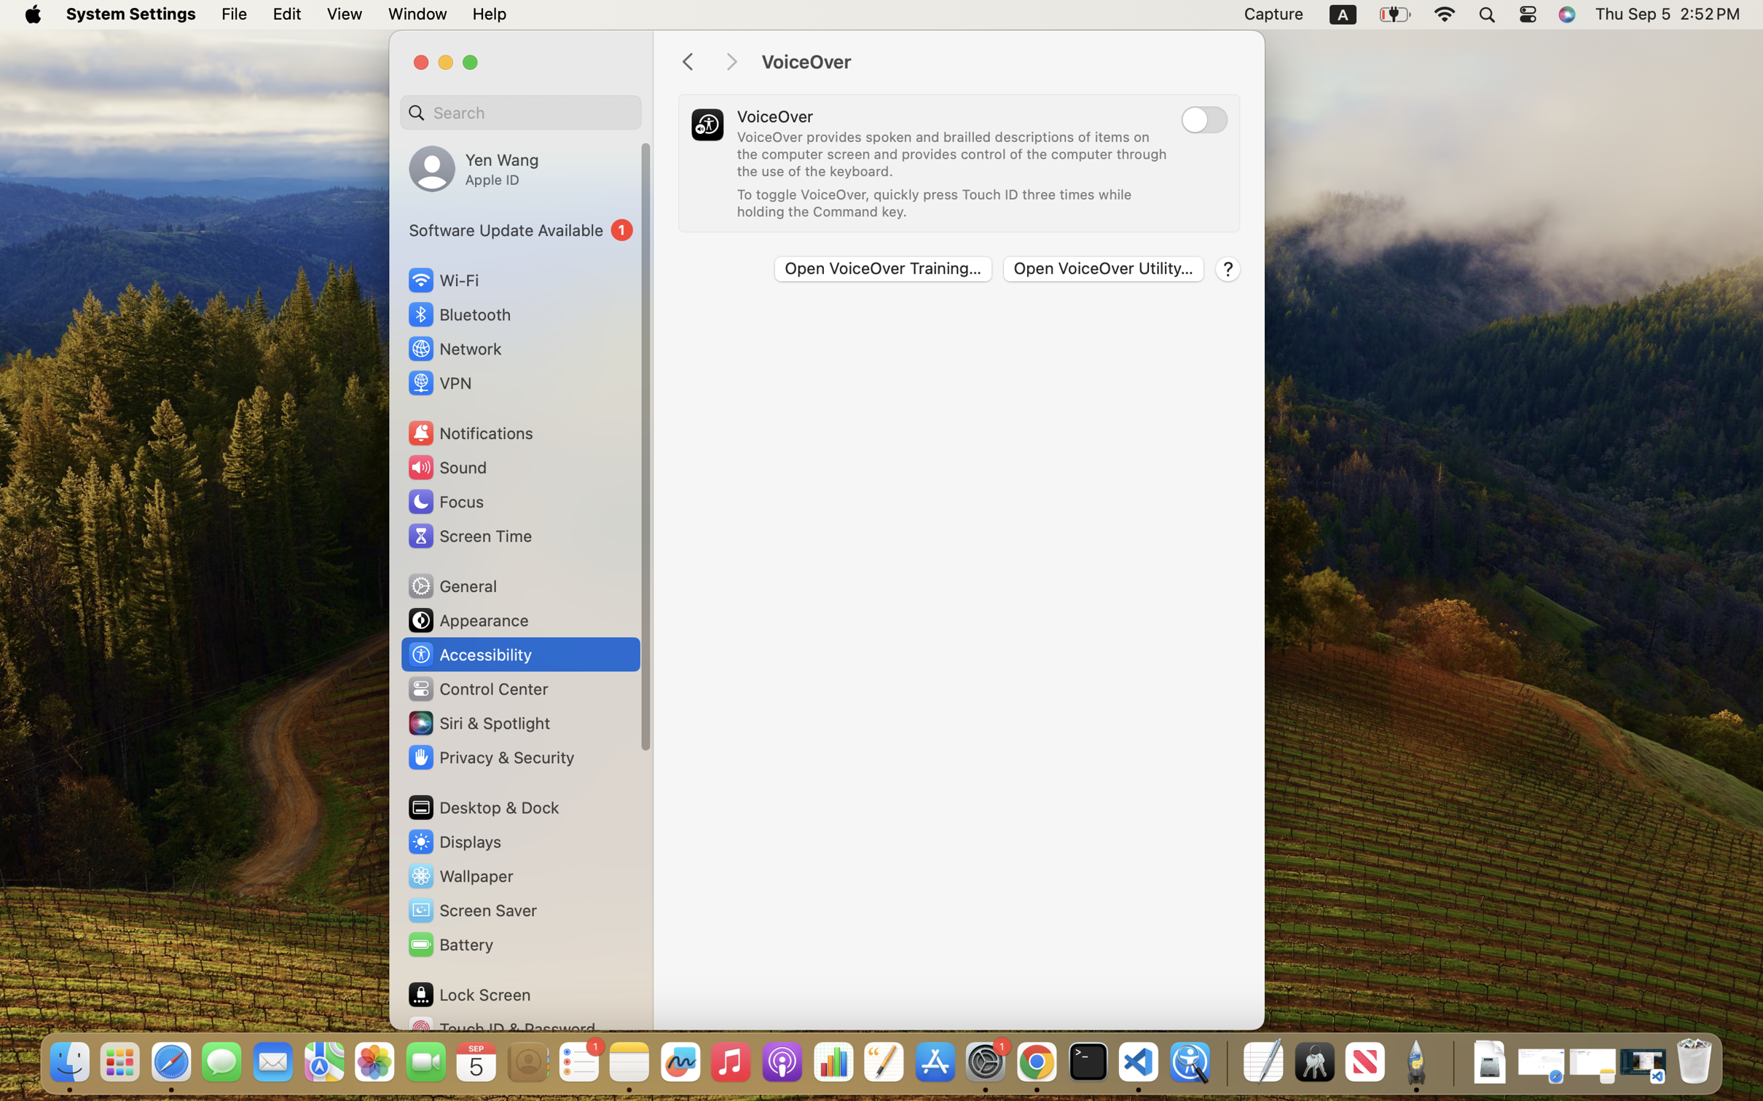 This screenshot has width=1763, height=1101. What do you see at coordinates (447, 466) in the screenshot?
I see `'Sound'` at bounding box center [447, 466].